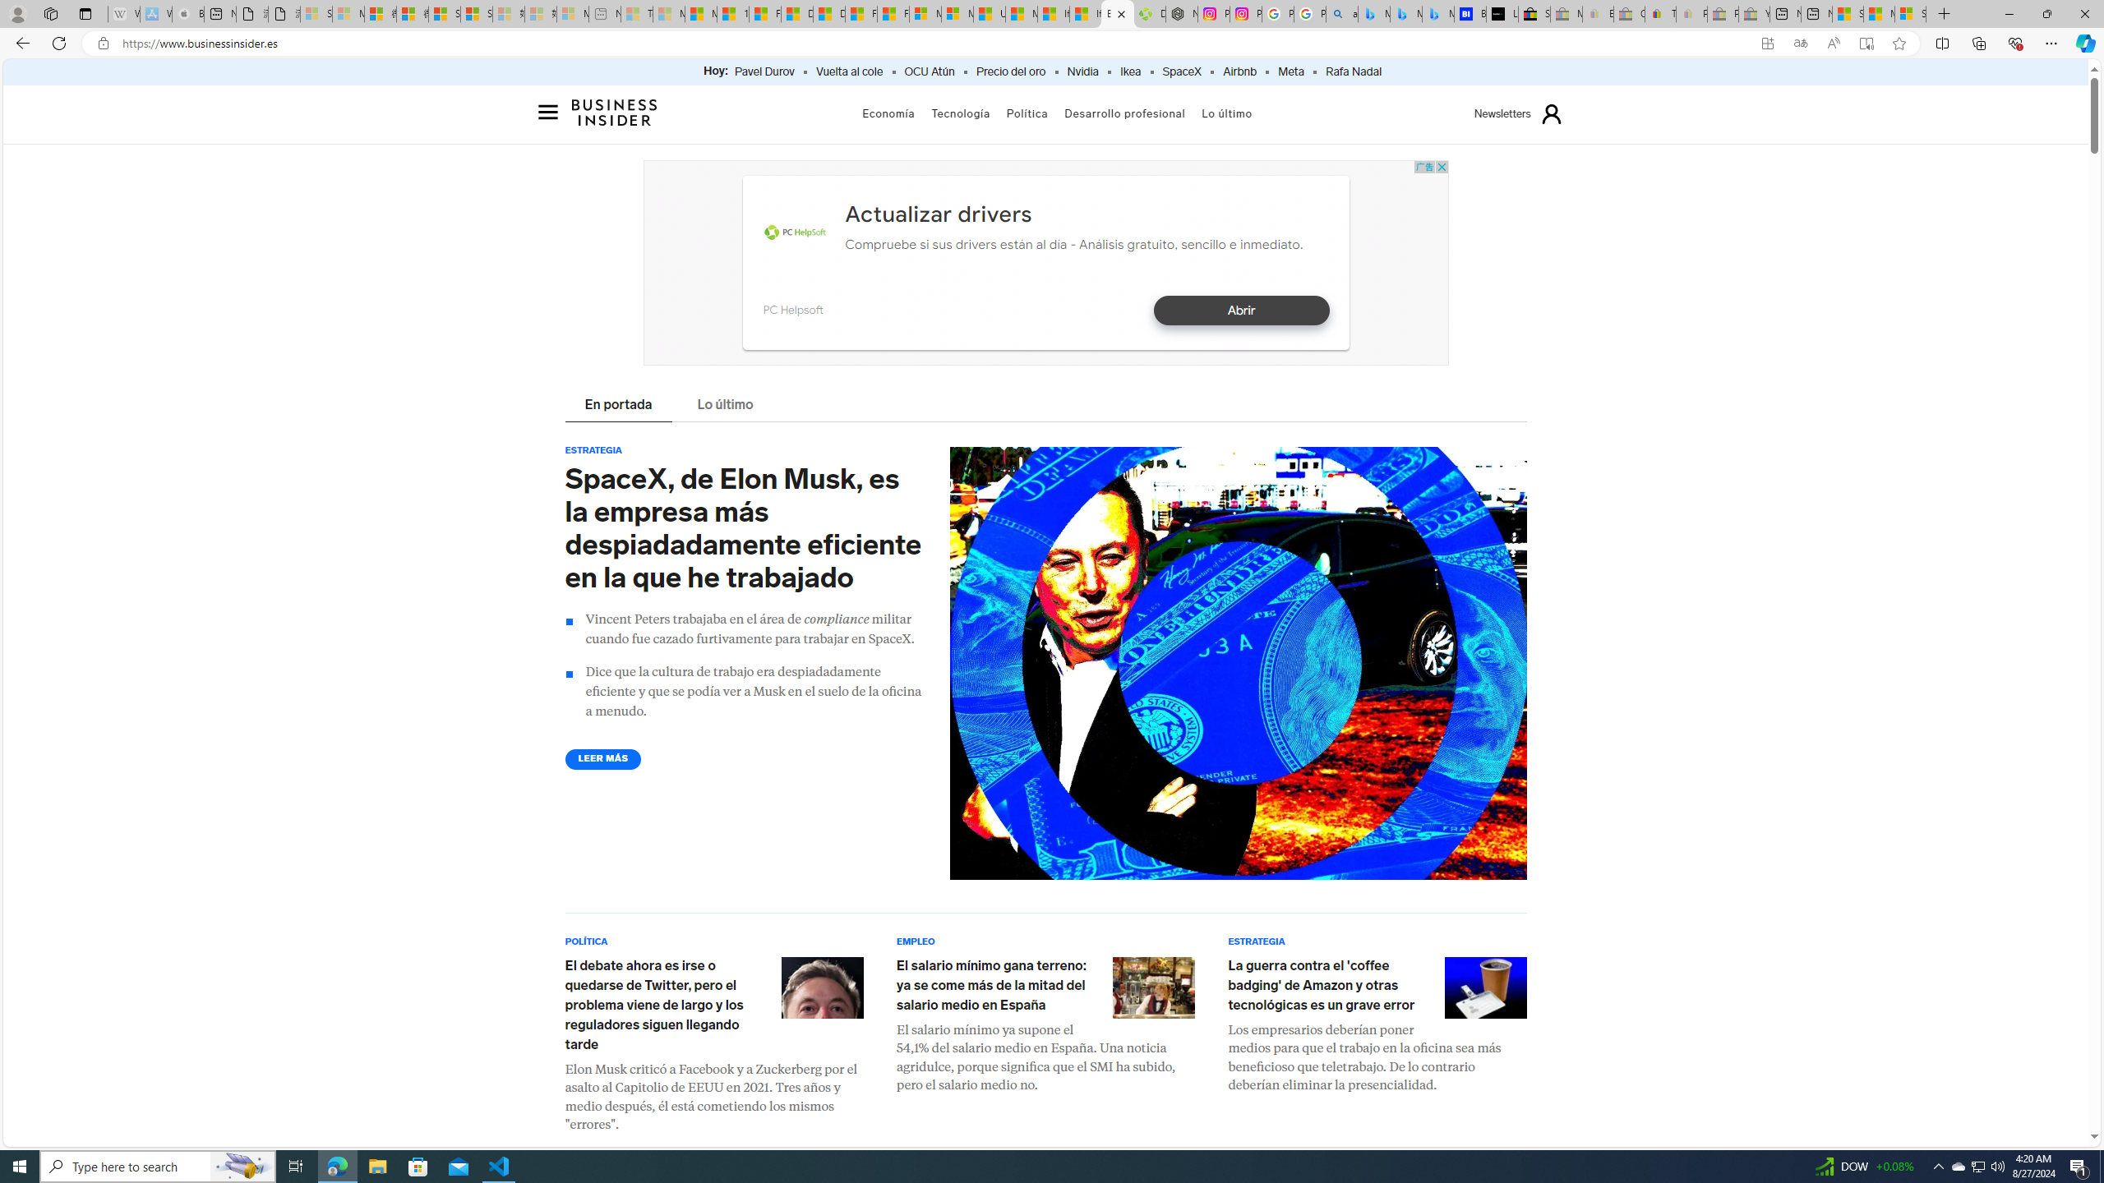  I want to click on 'Microsoft Bing Travel - Shangri-La Hotel Bangkok', so click(1438, 13).